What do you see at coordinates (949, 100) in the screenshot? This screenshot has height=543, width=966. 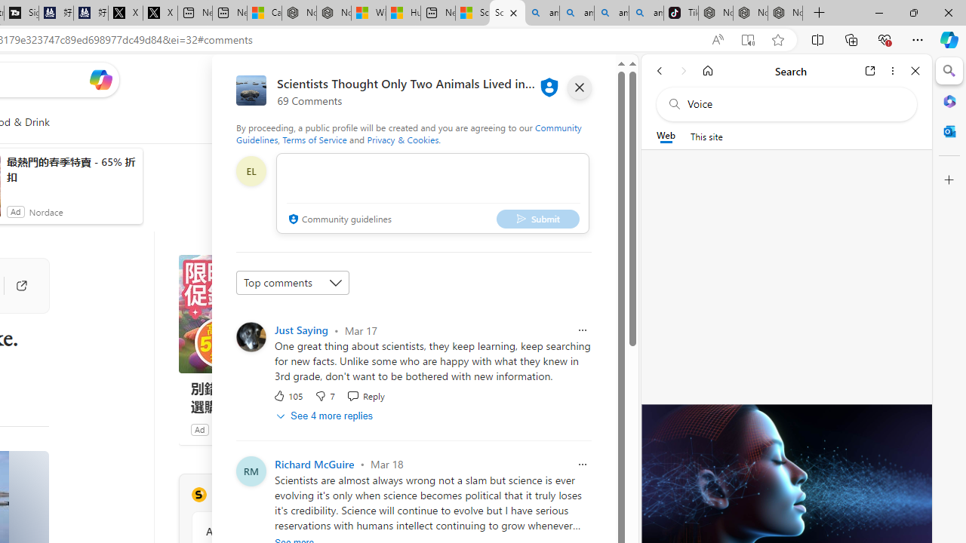 I see `'Microsoft 365'` at bounding box center [949, 100].